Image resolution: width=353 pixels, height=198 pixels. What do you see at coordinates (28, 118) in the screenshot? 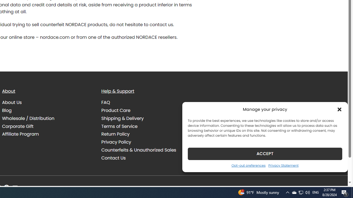
I see `'Wholesale / Distribution'` at bounding box center [28, 118].